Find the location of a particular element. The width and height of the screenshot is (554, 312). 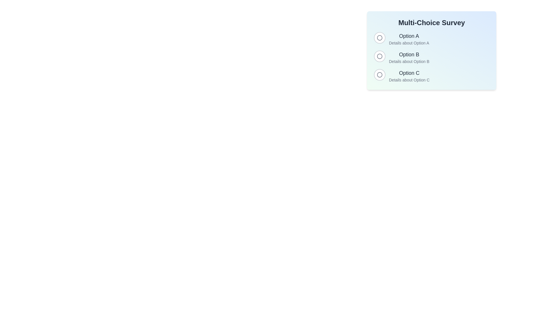

the non-interactive header text that introduces the multi-choice survey form located at the top of a blue-white gradient background is located at coordinates (432, 22).